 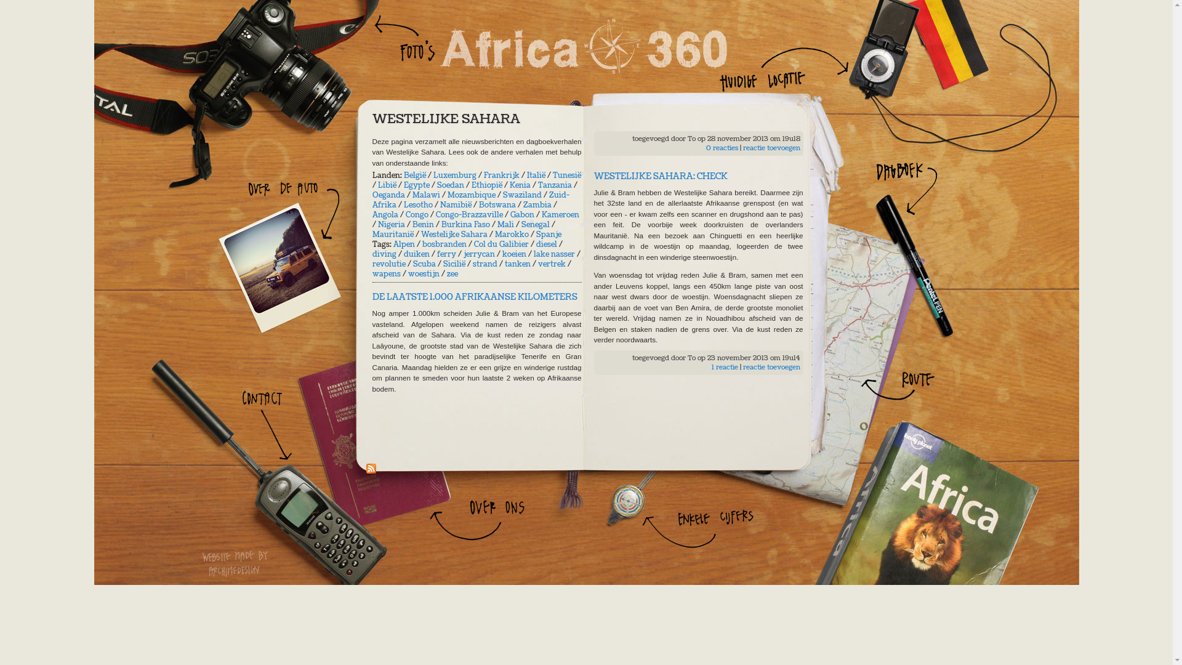 I want to click on 'diesel', so click(x=545, y=244).